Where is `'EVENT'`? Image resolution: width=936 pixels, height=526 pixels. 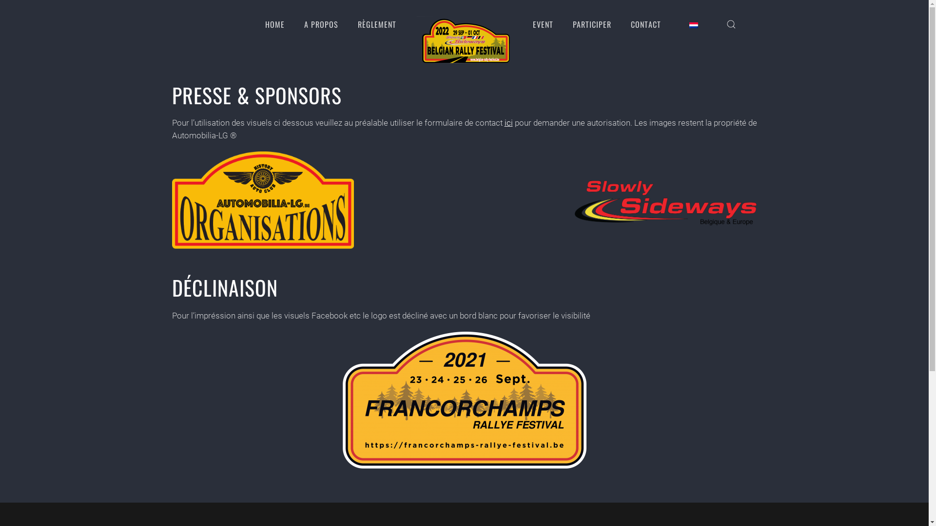
'EVENT' is located at coordinates (542, 24).